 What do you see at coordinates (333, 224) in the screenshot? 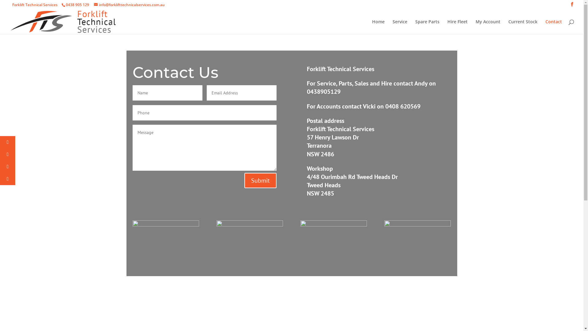
I see `'IMG_5641 (1)'` at bounding box center [333, 224].